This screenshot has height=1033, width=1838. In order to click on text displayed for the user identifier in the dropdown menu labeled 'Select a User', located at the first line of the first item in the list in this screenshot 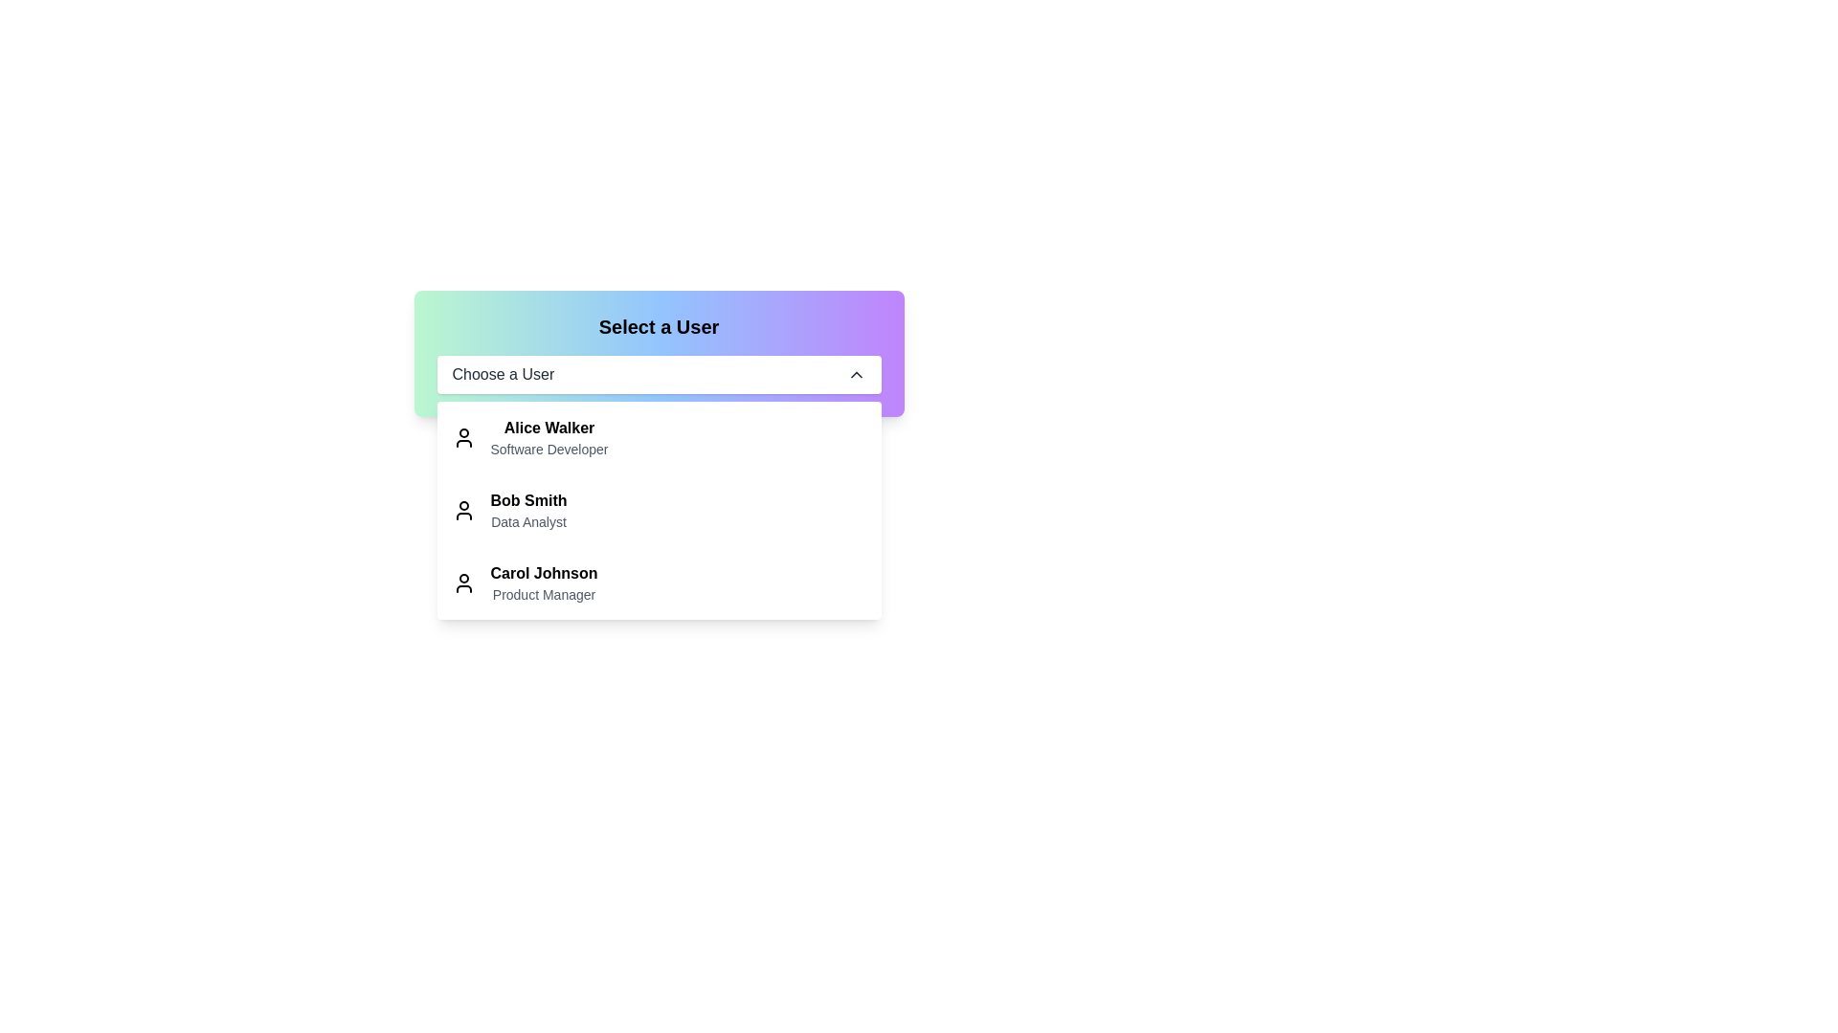, I will do `click(548, 427)`.